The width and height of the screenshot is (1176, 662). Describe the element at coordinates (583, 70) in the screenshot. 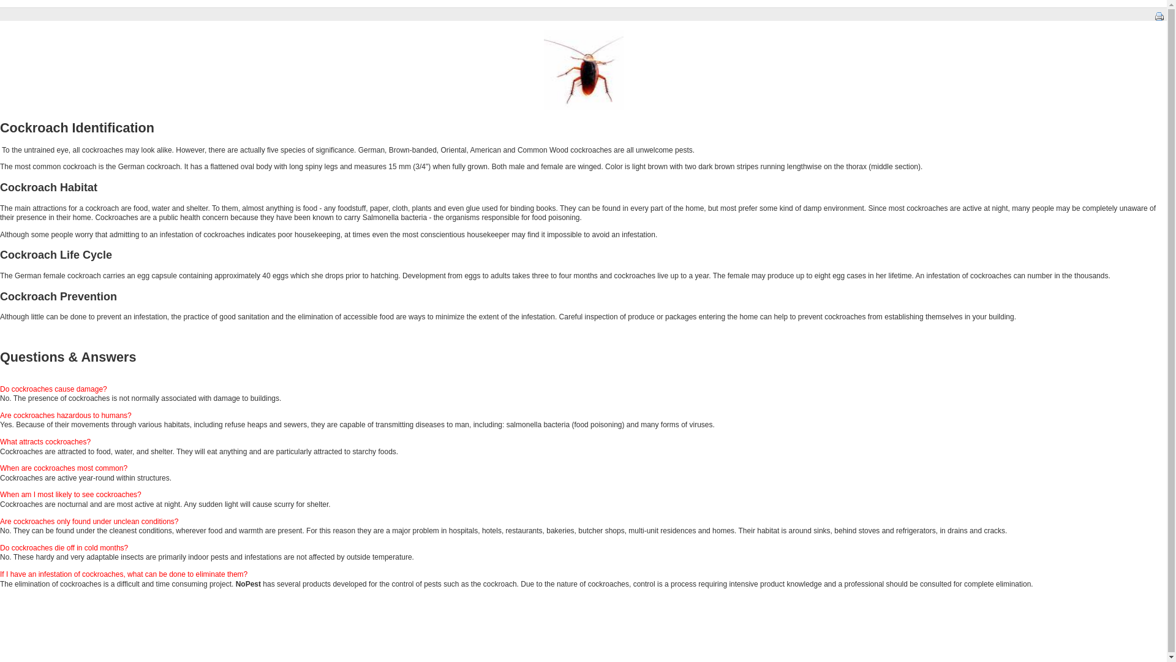

I see `'Cockroach'` at that location.